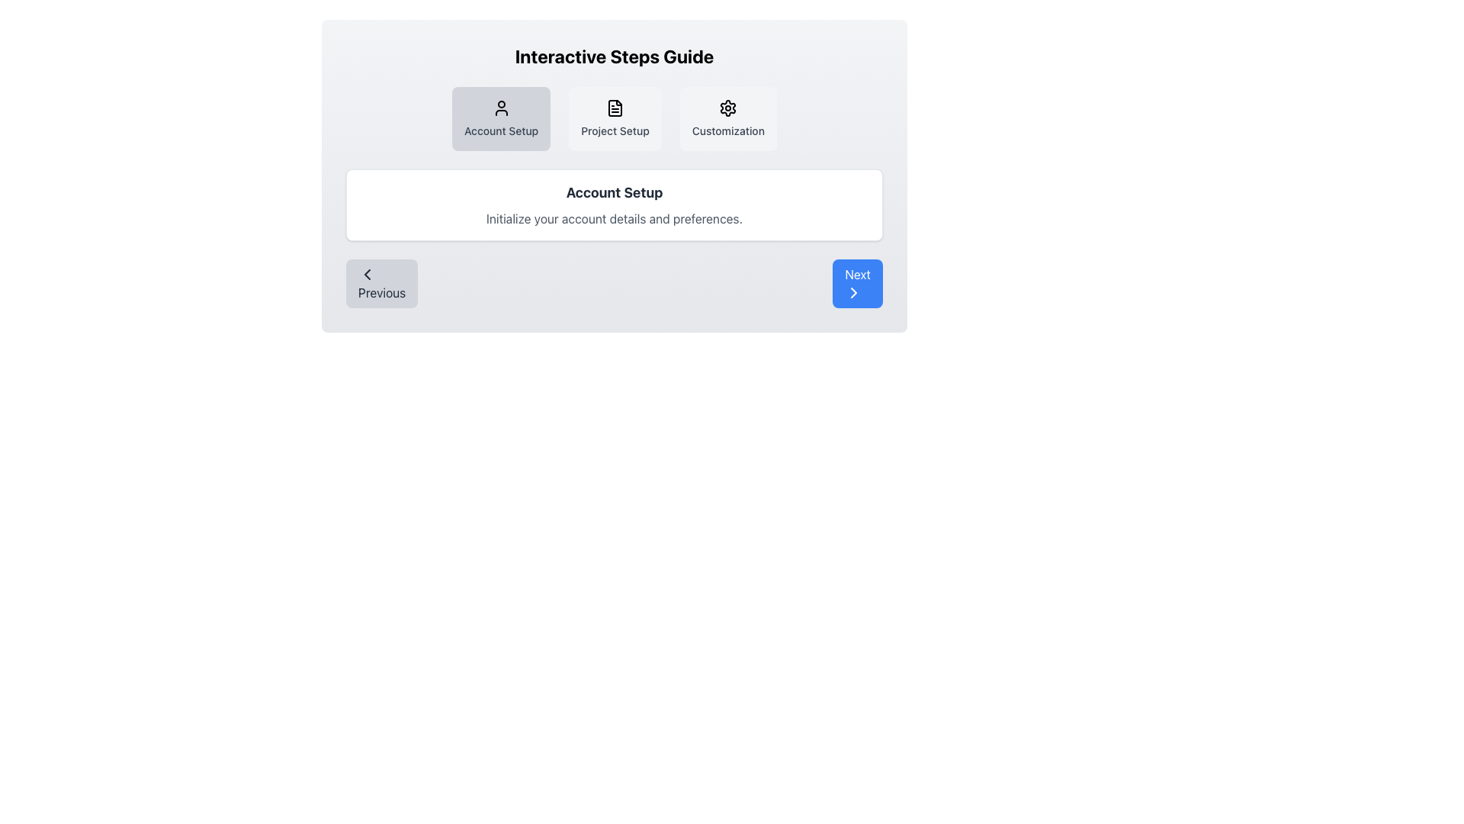  I want to click on the 'Account Setup' text label, which is displayed in gray color below a user icon on the first button in a horizontal arrangement at the top center of the main interface panel, so click(501, 130).